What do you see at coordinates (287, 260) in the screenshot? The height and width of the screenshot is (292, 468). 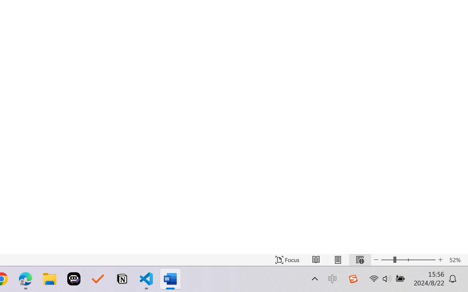 I see `'Focus '` at bounding box center [287, 260].